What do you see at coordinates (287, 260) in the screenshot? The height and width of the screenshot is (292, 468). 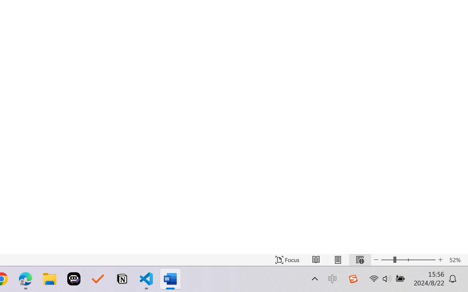 I see `'Focus '` at bounding box center [287, 260].